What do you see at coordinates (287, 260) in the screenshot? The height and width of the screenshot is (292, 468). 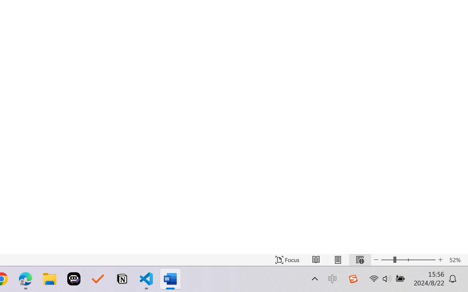 I see `'Focus '` at bounding box center [287, 260].